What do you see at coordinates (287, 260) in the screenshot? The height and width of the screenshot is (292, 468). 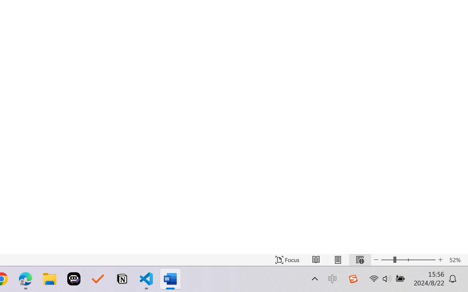 I see `'Focus '` at bounding box center [287, 260].